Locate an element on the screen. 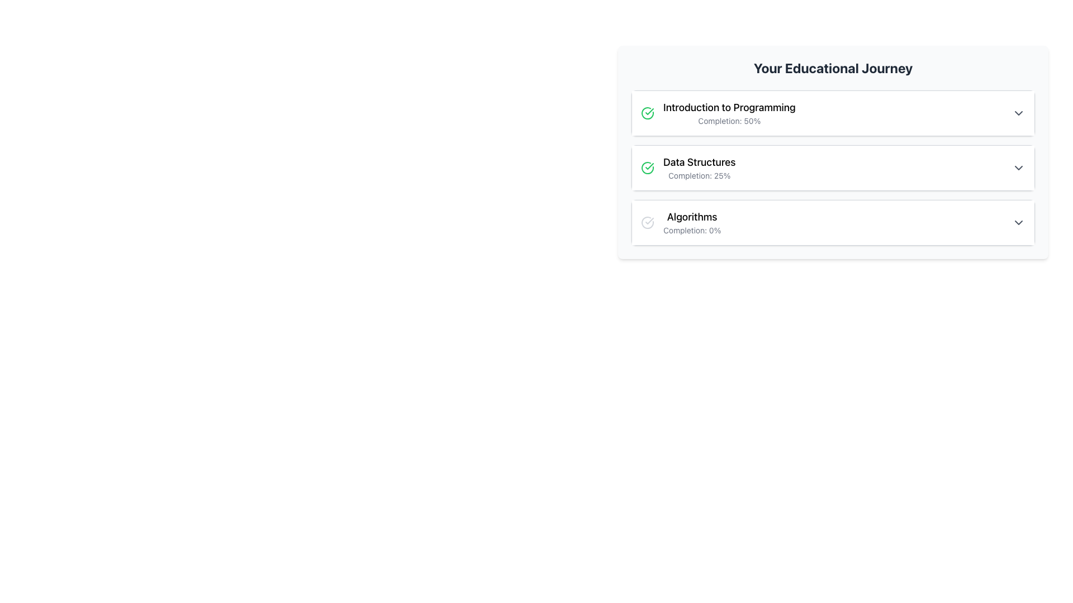 The width and height of the screenshot is (1073, 603). the second item in the 'Your Educational Journey' list is located at coordinates (833, 167).